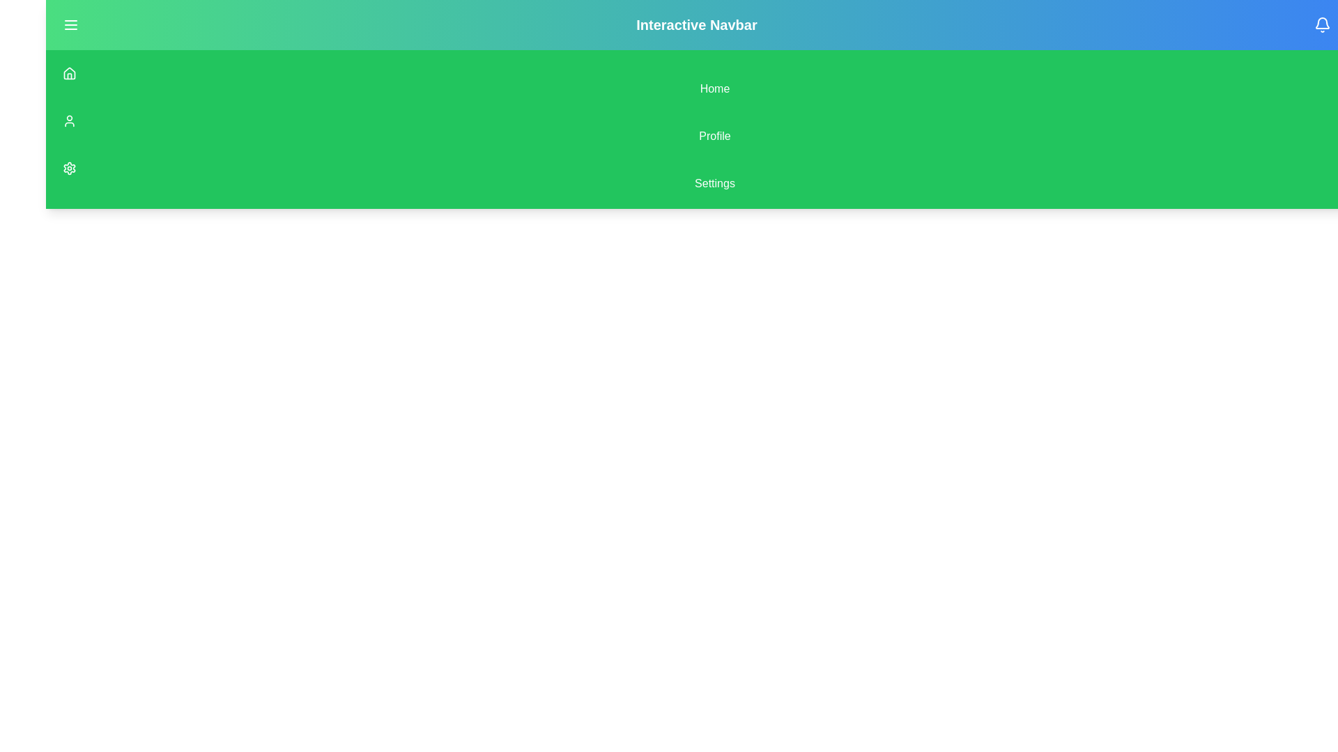  Describe the element at coordinates (69, 73) in the screenshot. I see `the home icon located at the top of the leftmost navigation bar` at that location.